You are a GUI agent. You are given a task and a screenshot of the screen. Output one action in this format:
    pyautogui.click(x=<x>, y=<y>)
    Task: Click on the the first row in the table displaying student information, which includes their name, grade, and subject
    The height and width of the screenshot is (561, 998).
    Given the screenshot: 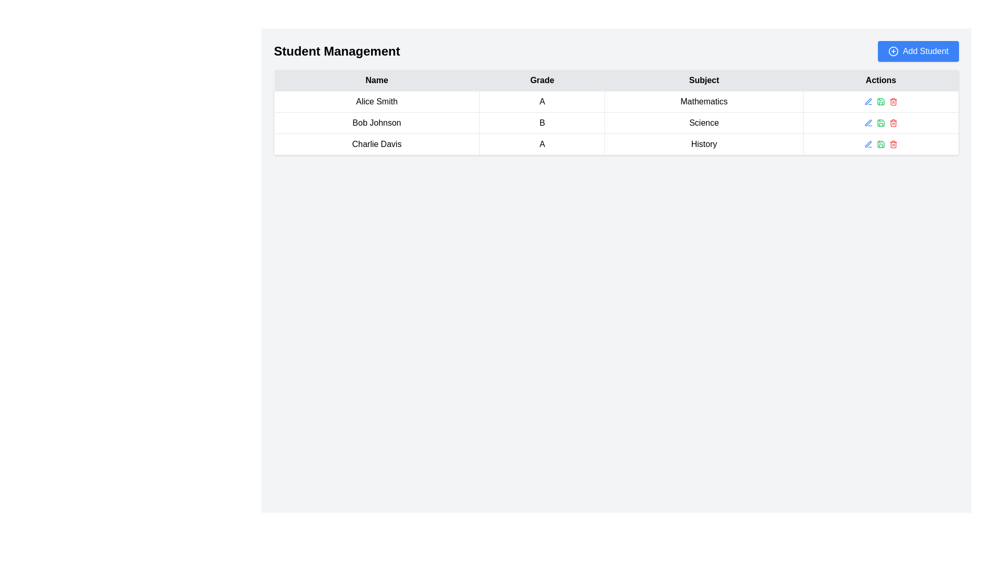 What is the action you would take?
    pyautogui.click(x=616, y=102)
    